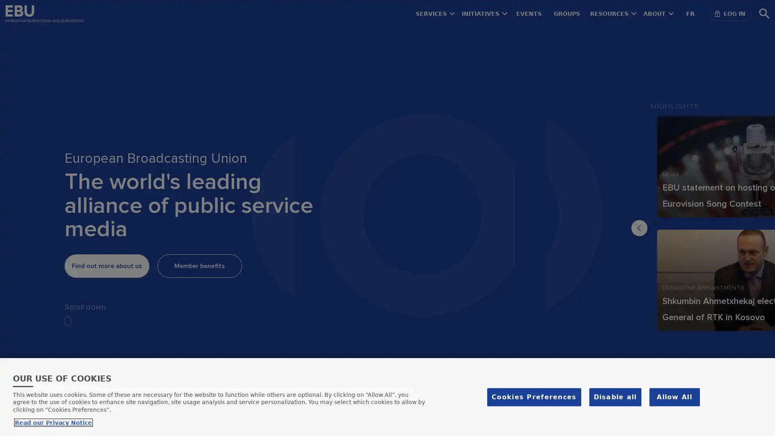 The image size is (775, 436). What do you see at coordinates (534, 396) in the screenshot?
I see `Cookies Preferences` at bounding box center [534, 396].